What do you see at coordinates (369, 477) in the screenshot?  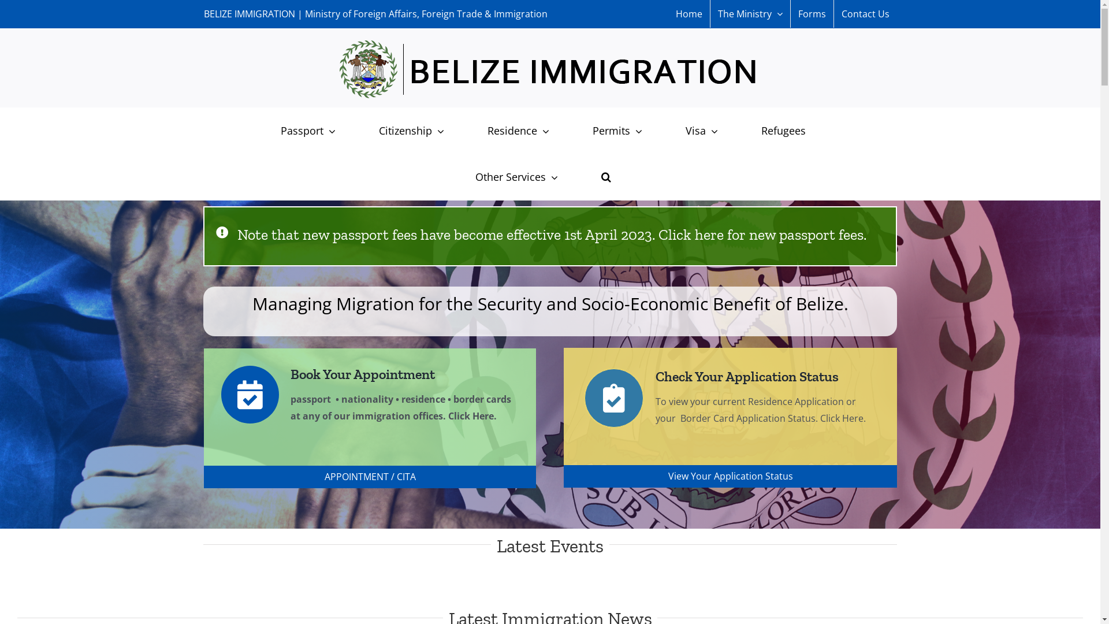 I see `'APPOINTMENT / CITA'` at bounding box center [369, 477].